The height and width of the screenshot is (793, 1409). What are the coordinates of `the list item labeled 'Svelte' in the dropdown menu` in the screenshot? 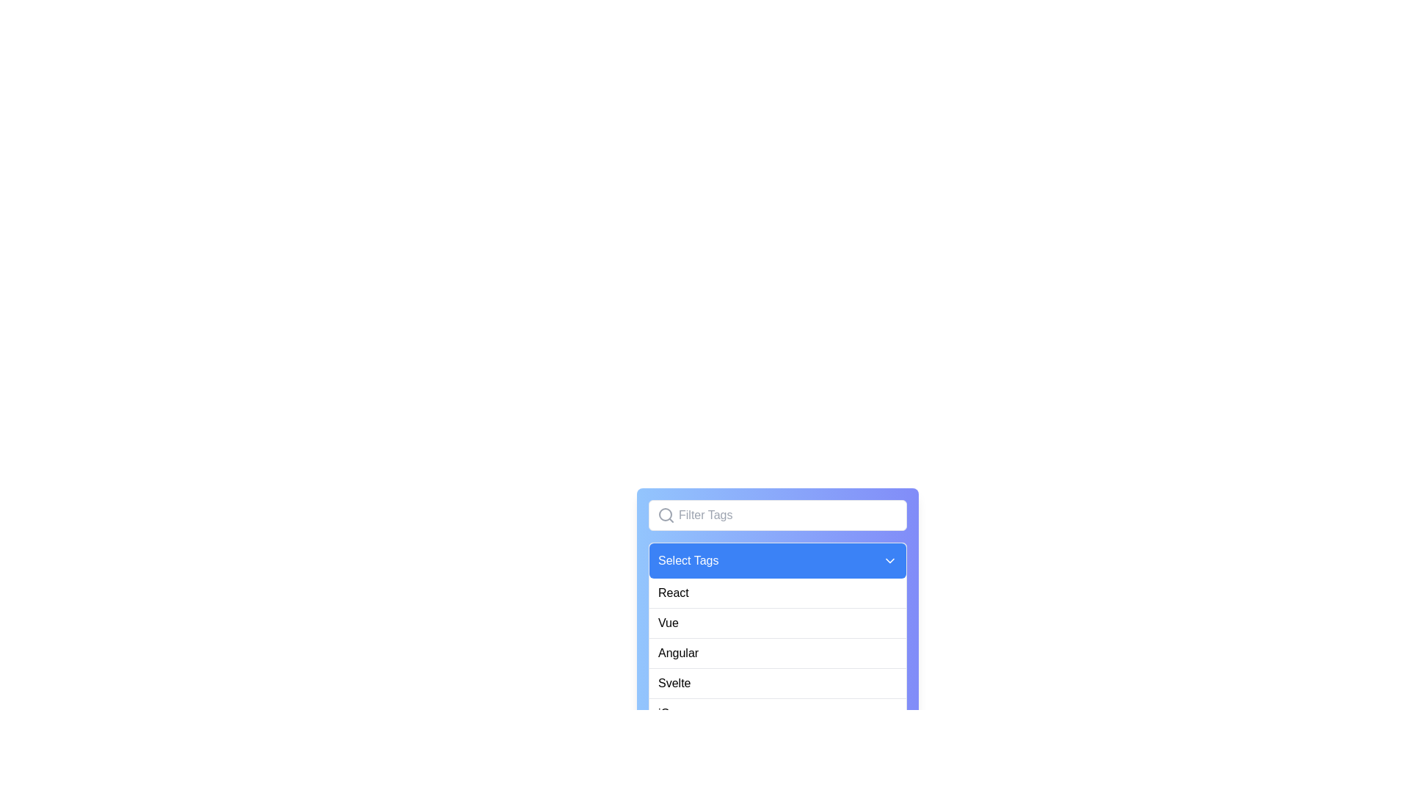 It's located at (777, 683).